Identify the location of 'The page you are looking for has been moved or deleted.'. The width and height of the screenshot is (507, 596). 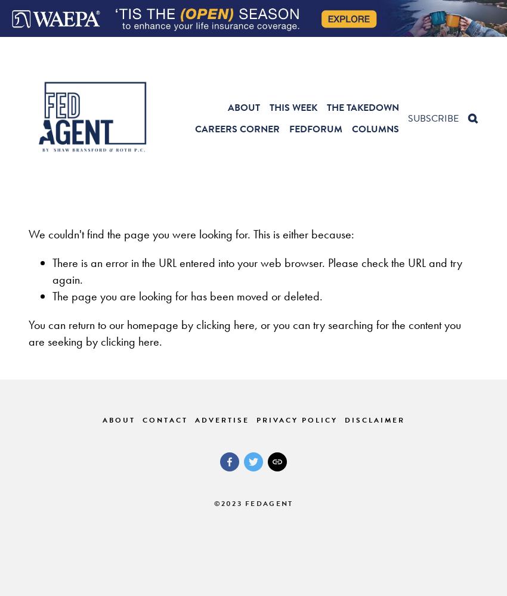
(51, 296).